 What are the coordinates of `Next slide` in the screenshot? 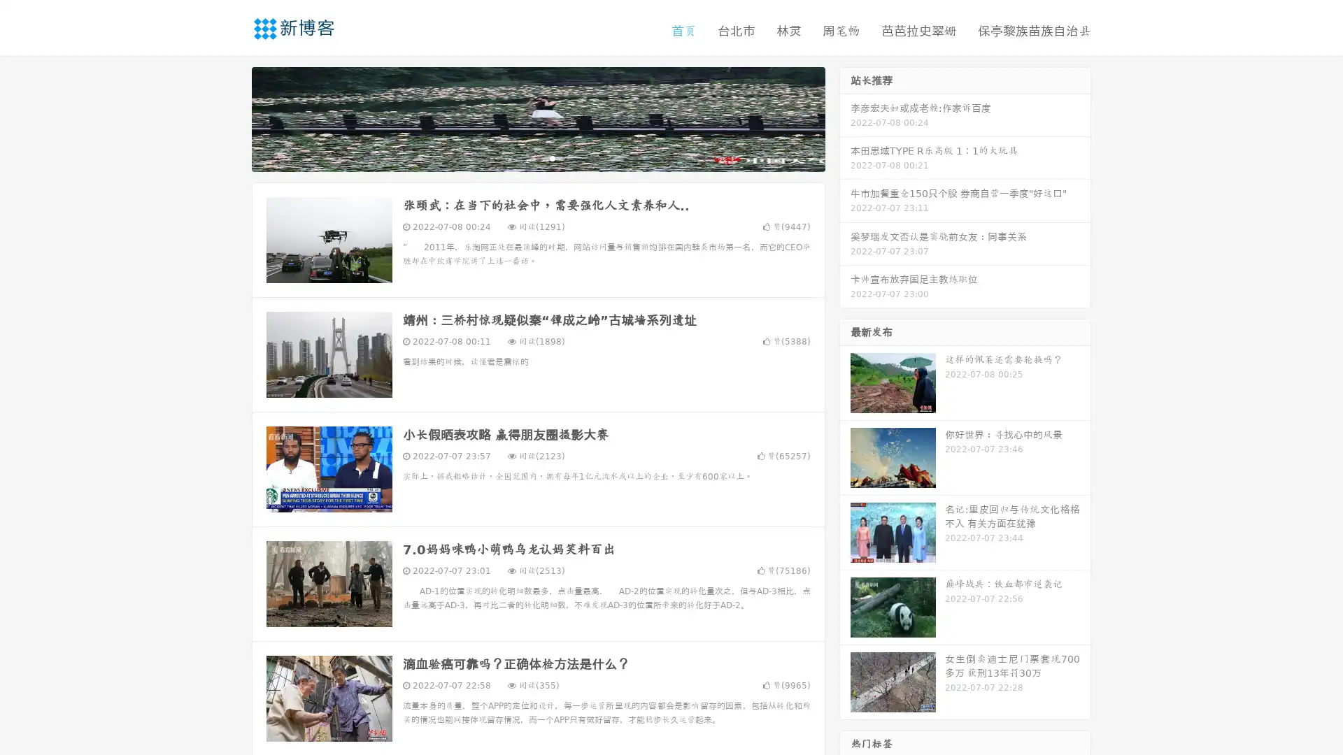 It's located at (845, 117).